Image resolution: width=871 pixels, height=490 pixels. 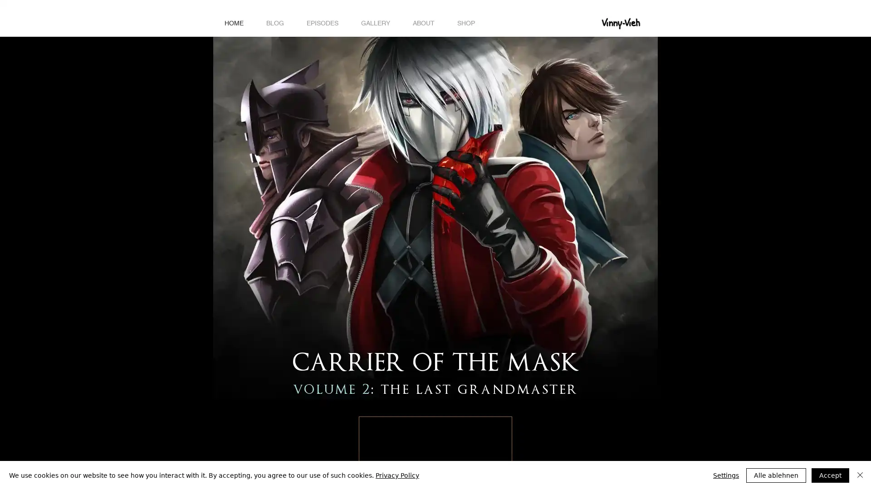 I want to click on Alle ablehnen, so click(x=775, y=475).